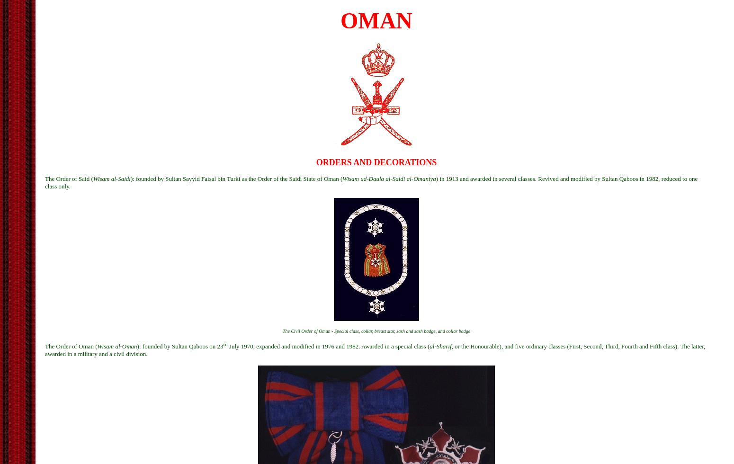  Describe the element at coordinates (340, 20) in the screenshot. I see `'OMAN'` at that location.